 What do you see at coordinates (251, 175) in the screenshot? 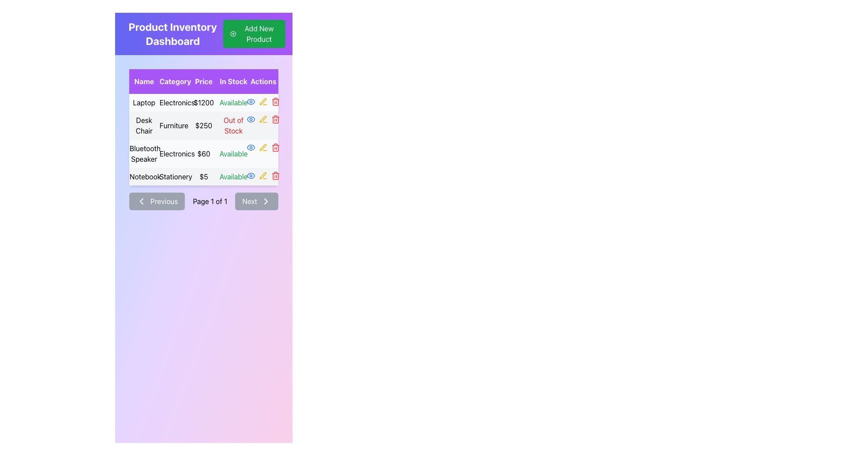
I see `the eye icon in the 'Actions' column of the fourth row in the table` at bounding box center [251, 175].